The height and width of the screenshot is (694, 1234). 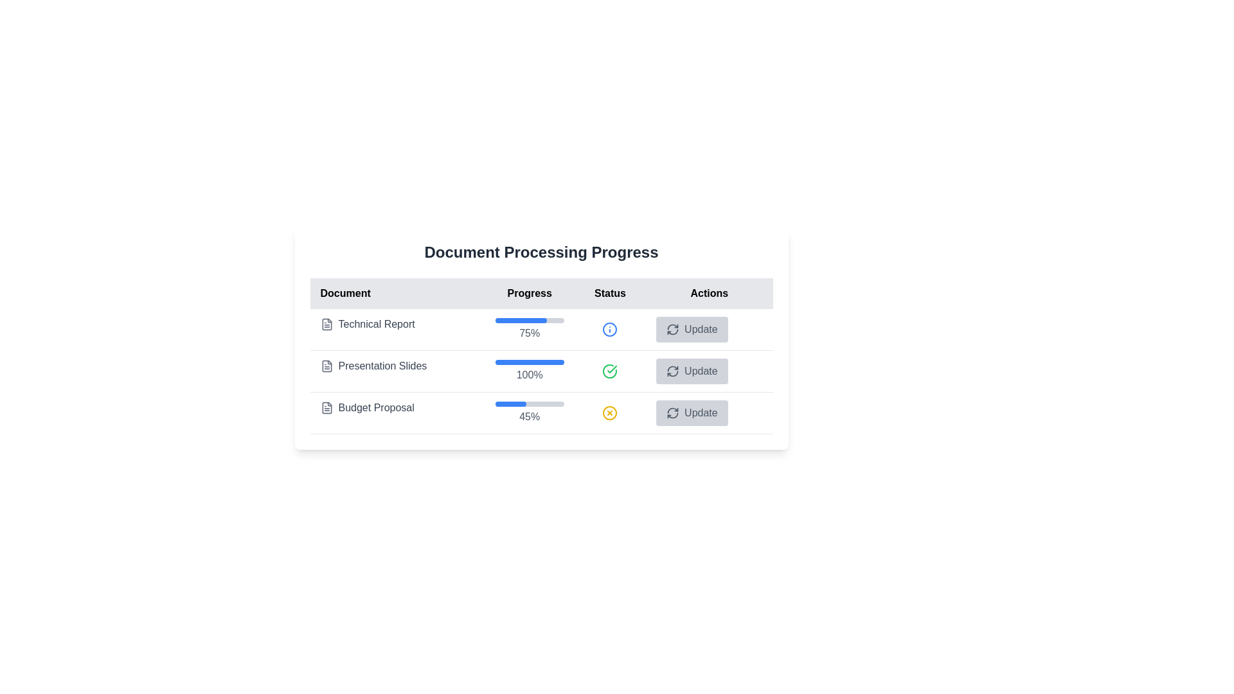 I want to click on the progress indicator displaying '100%' in blue, located in the 'Presentation Slides' row under the 'Progress' column, so click(x=541, y=371).